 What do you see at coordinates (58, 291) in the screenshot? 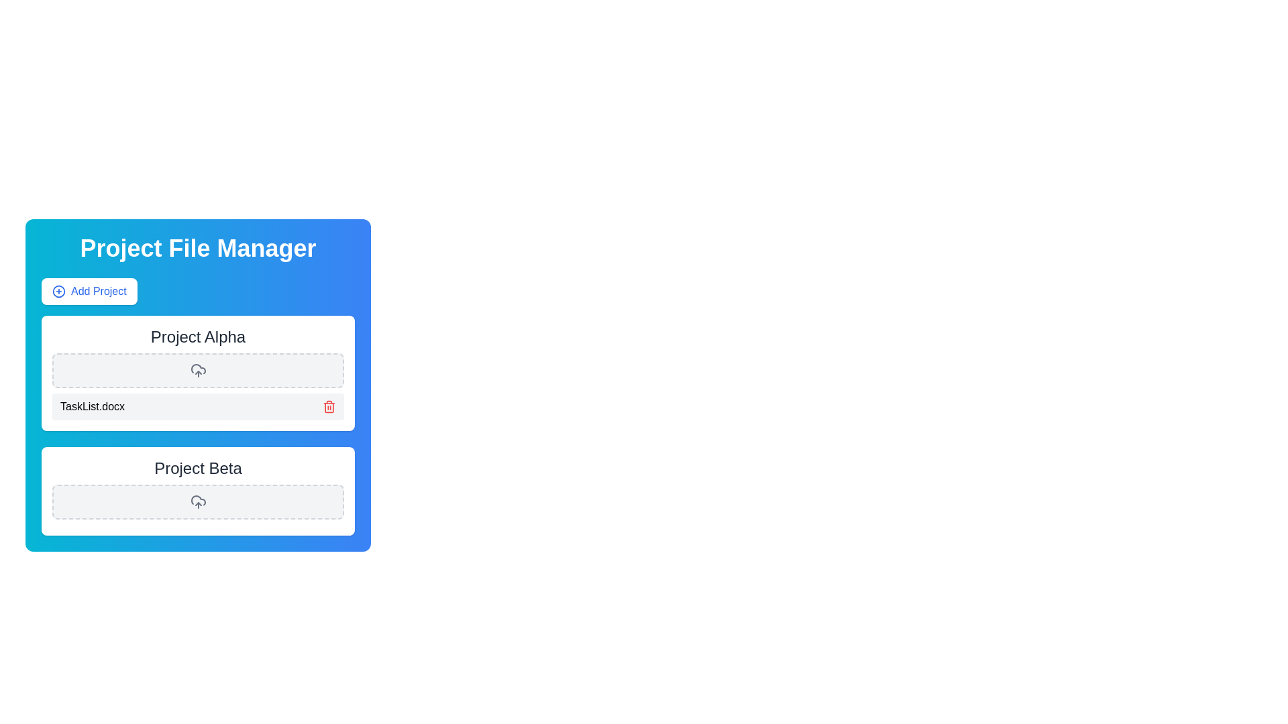
I see `the icon located to the left of the 'Add Project' button in the upper left area of the interface, below the 'Project File Manager' header` at bounding box center [58, 291].